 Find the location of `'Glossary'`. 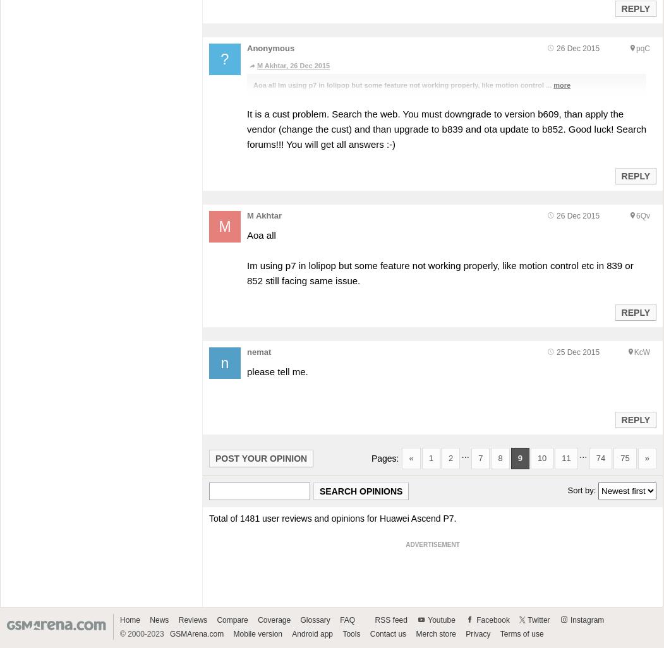

'Glossary' is located at coordinates (315, 619).